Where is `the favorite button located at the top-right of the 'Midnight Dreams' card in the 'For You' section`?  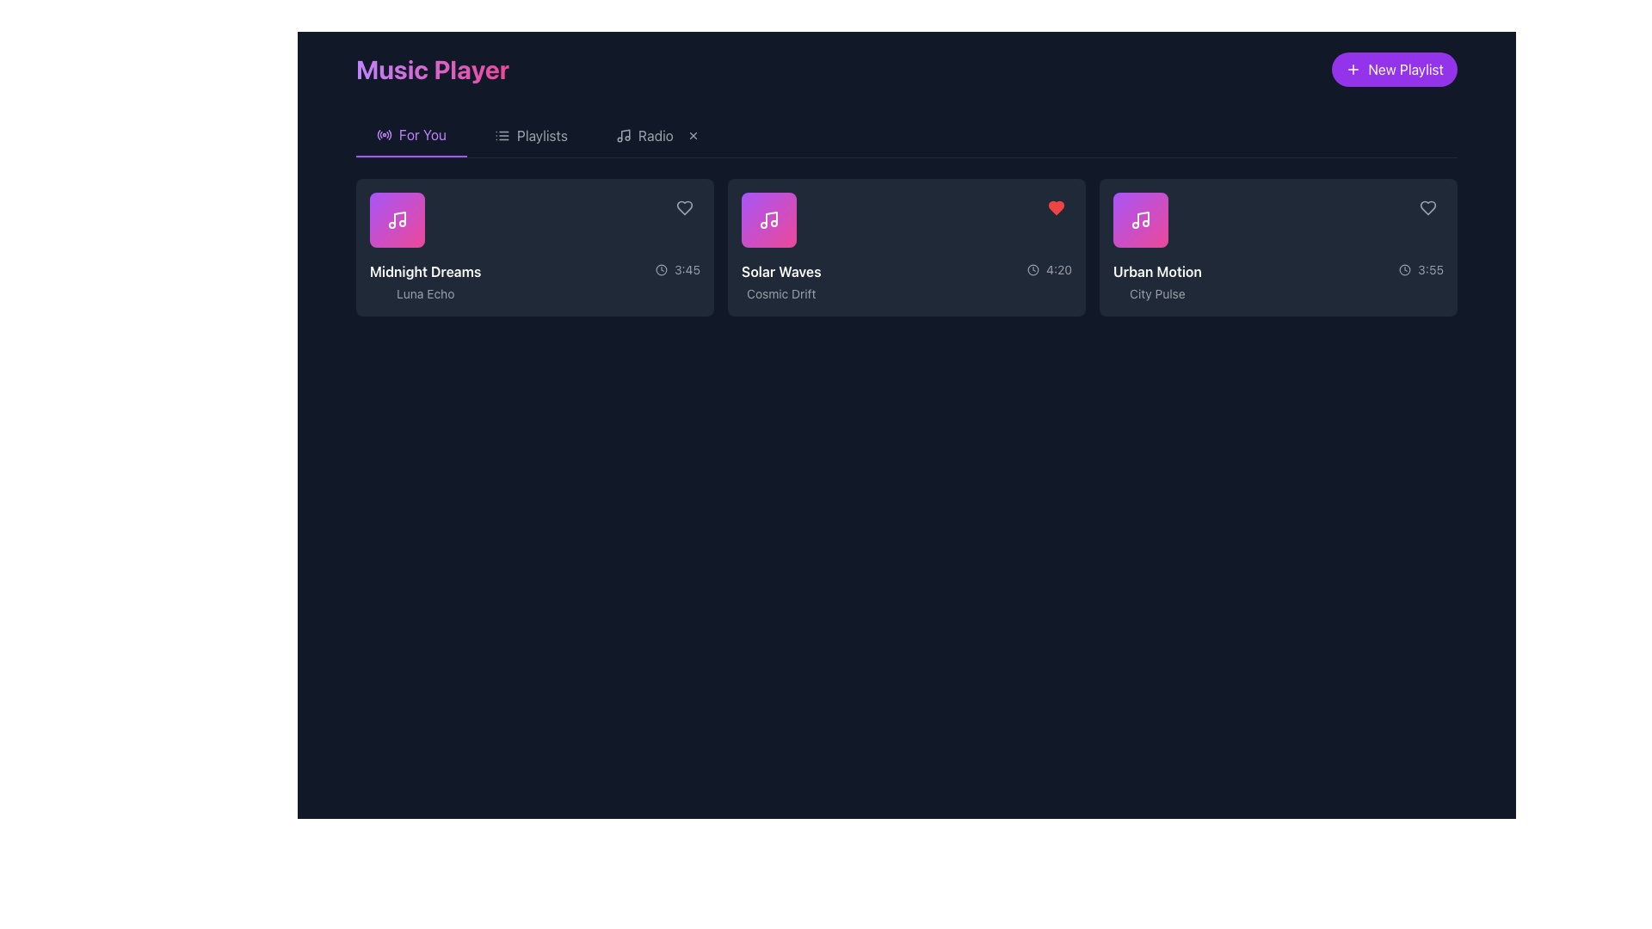
the favorite button located at the top-right of the 'Midnight Dreams' card in the 'For You' section is located at coordinates (684, 207).